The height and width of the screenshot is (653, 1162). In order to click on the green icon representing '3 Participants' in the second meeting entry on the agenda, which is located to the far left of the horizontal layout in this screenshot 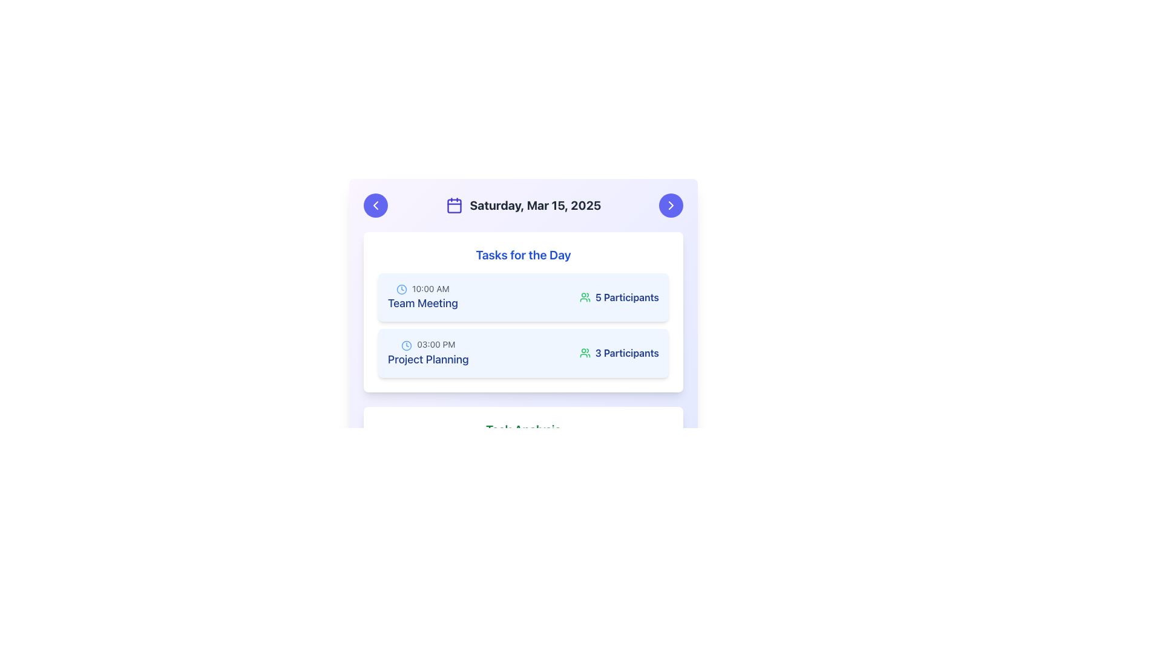, I will do `click(585, 353)`.